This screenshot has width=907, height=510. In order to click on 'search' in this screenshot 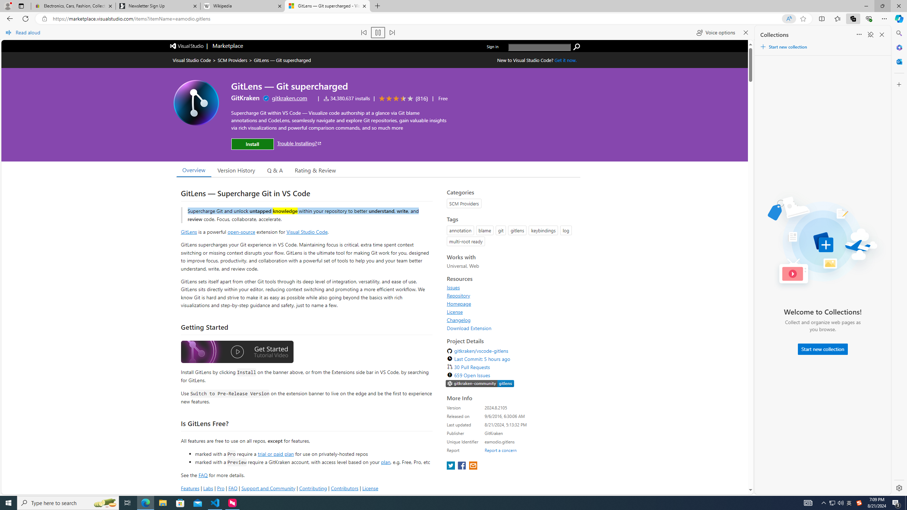, I will do `click(539, 47)`.